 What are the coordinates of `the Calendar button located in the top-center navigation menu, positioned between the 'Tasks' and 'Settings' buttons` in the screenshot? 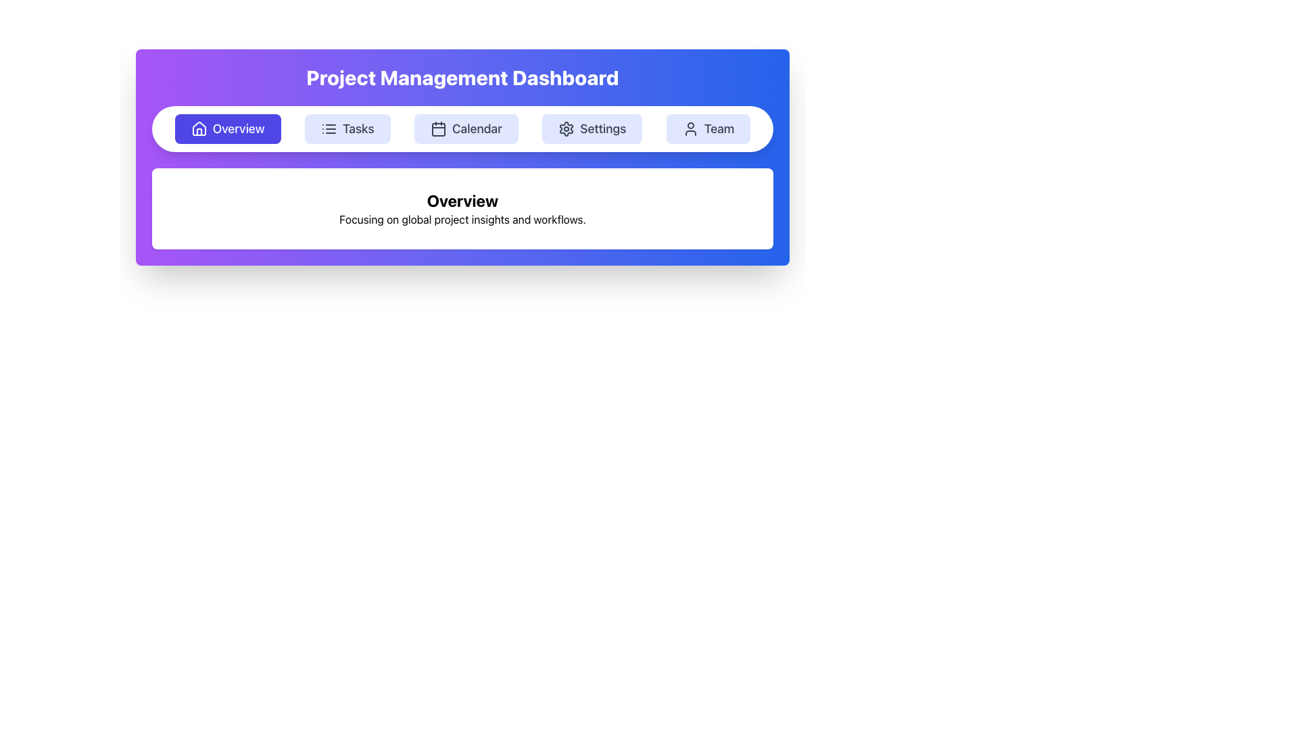 It's located at (466, 129).